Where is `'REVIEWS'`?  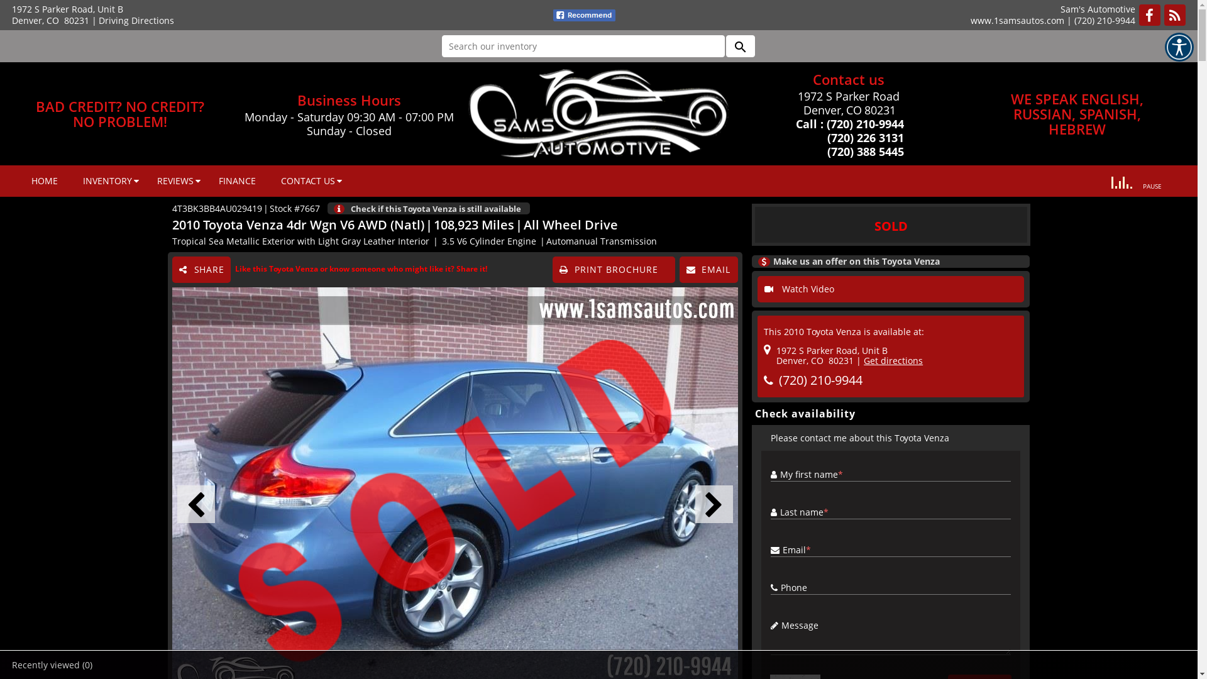
'REVIEWS' is located at coordinates (174, 181).